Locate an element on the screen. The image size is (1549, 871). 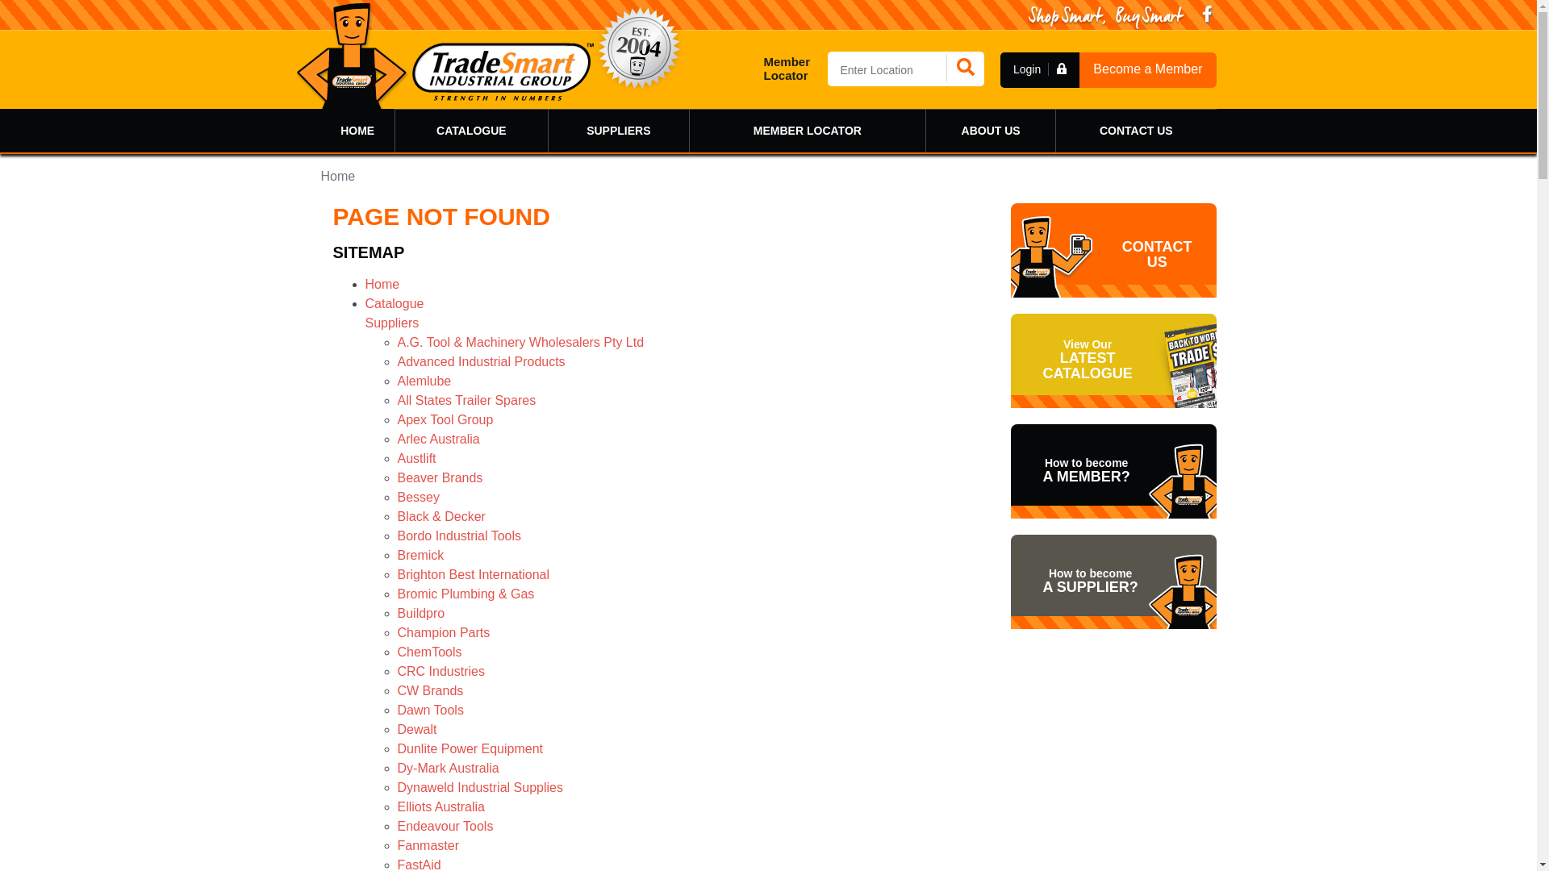
'TradeSmart Industrial Group - Strength in Numbers' is located at coordinates (445, 55).